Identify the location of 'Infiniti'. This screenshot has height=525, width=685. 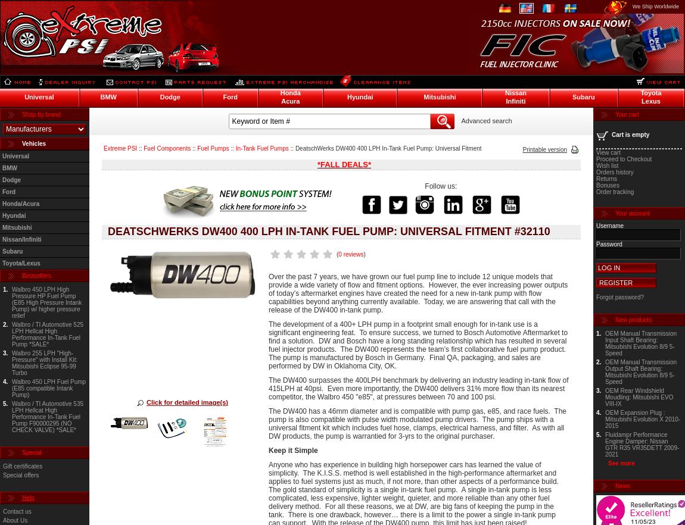
(515, 100).